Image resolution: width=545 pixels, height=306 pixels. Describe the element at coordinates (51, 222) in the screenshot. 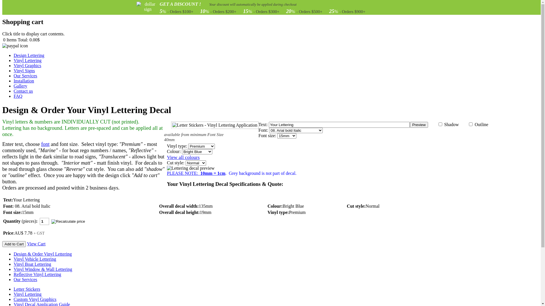

I see `'Recalculate price'` at that location.